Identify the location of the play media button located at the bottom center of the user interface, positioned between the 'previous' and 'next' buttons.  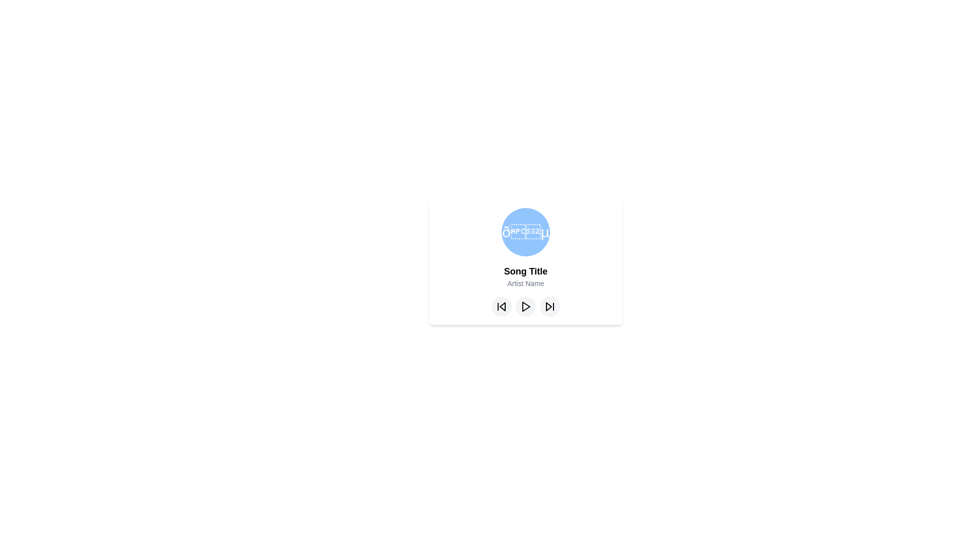
(525, 306).